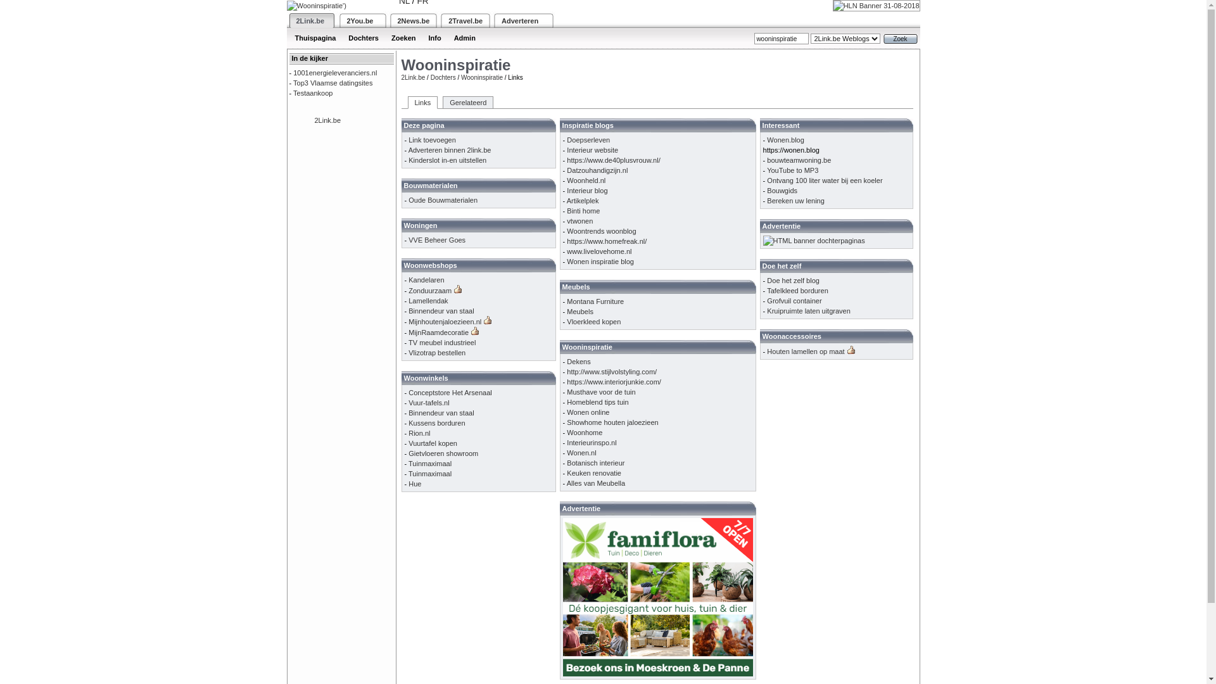  What do you see at coordinates (414, 21) in the screenshot?
I see `'2News.be'` at bounding box center [414, 21].